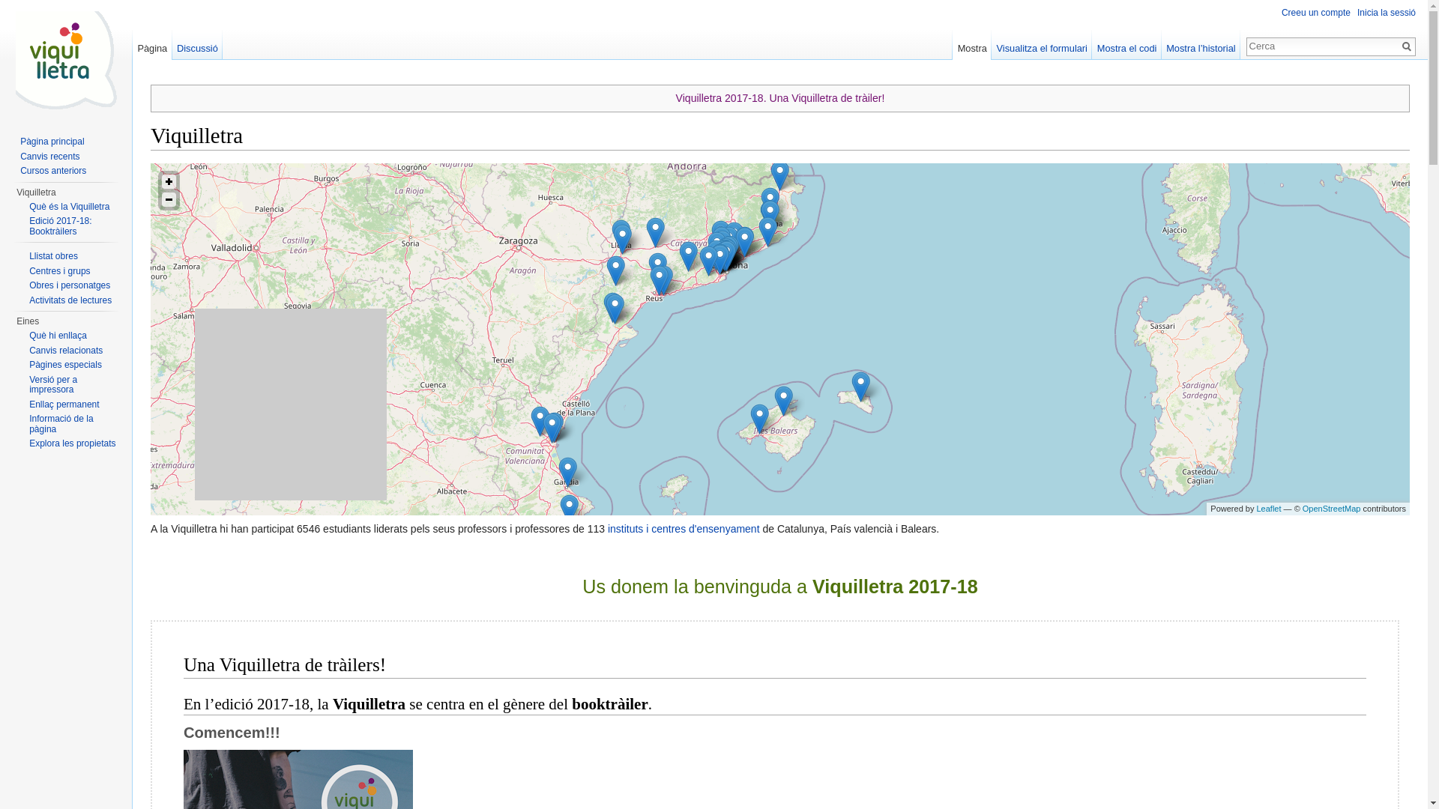 The image size is (1439, 809). What do you see at coordinates (992, 44) in the screenshot?
I see `'Visualitza el formulari'` at bounding box center [992, 44].